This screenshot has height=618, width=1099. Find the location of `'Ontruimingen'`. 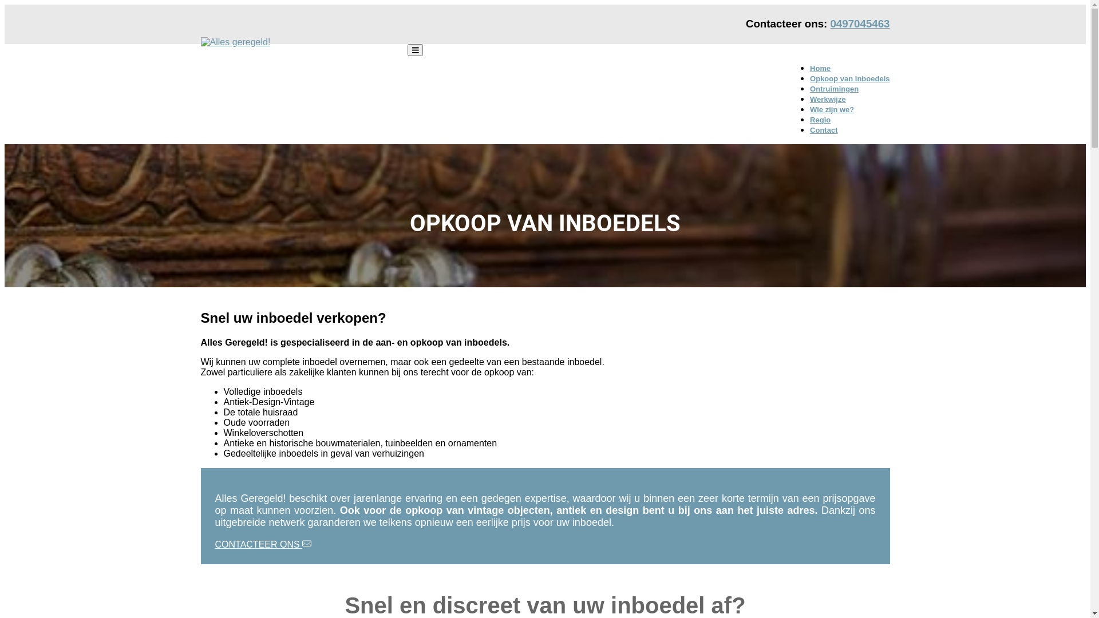

'Ontruimingen' is located at coordinates (809, 88).